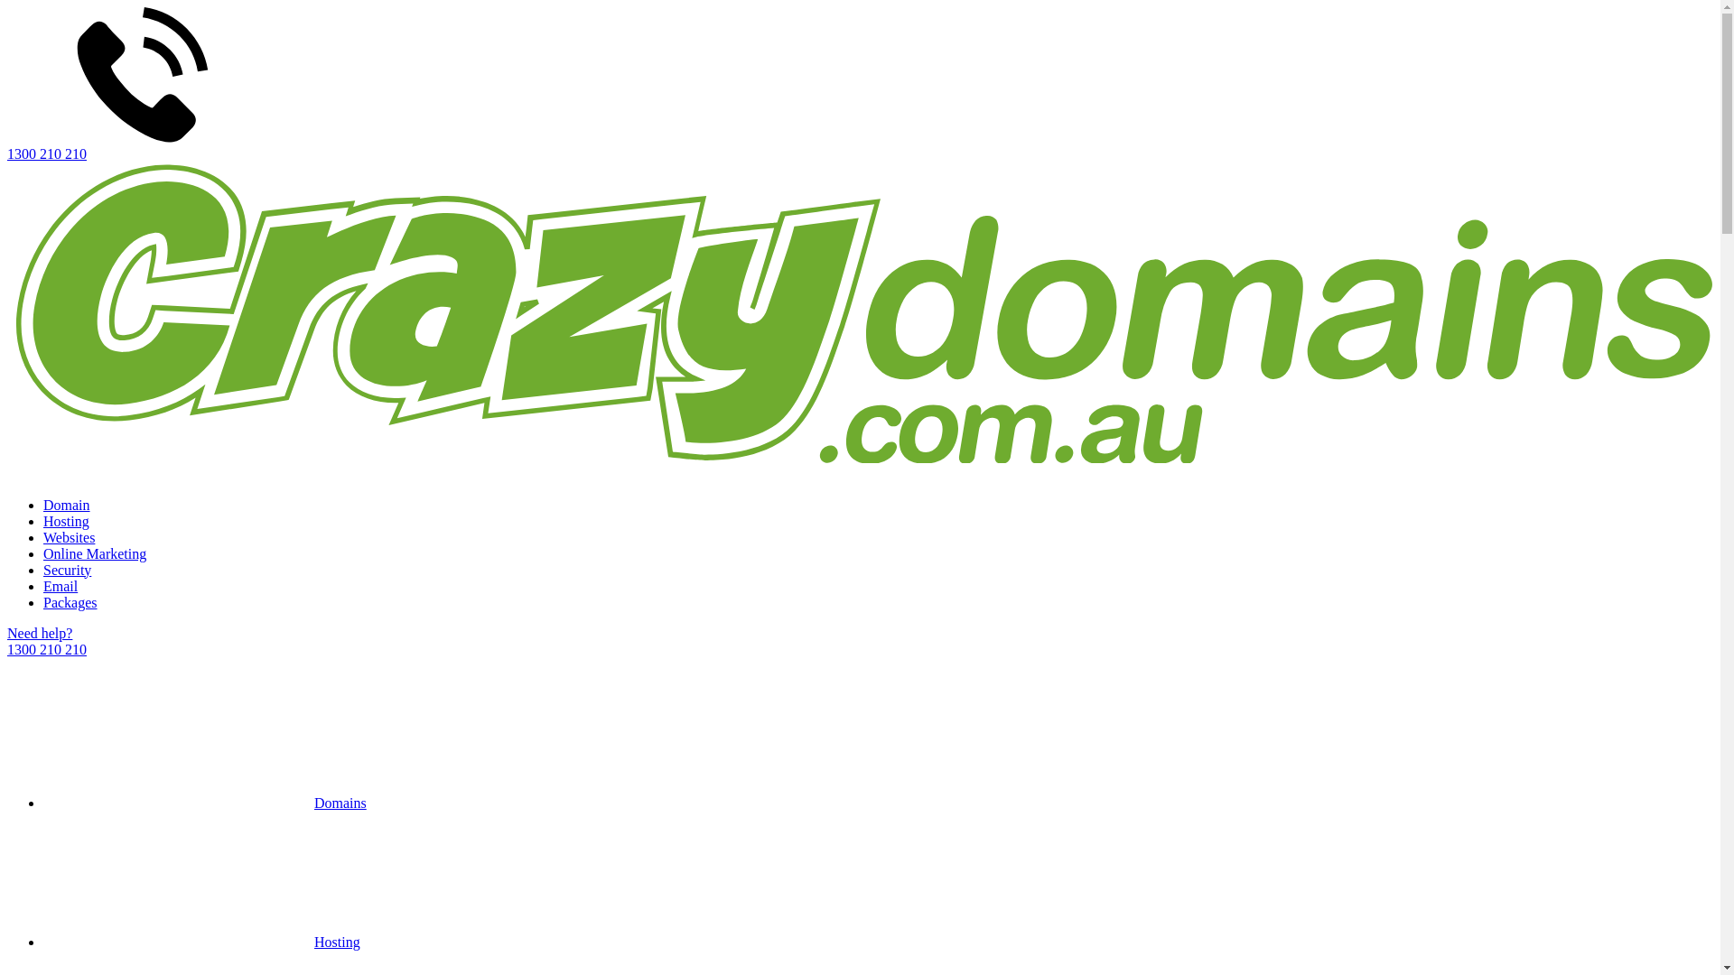  I want to click on 'Domains', so click(204, 802).